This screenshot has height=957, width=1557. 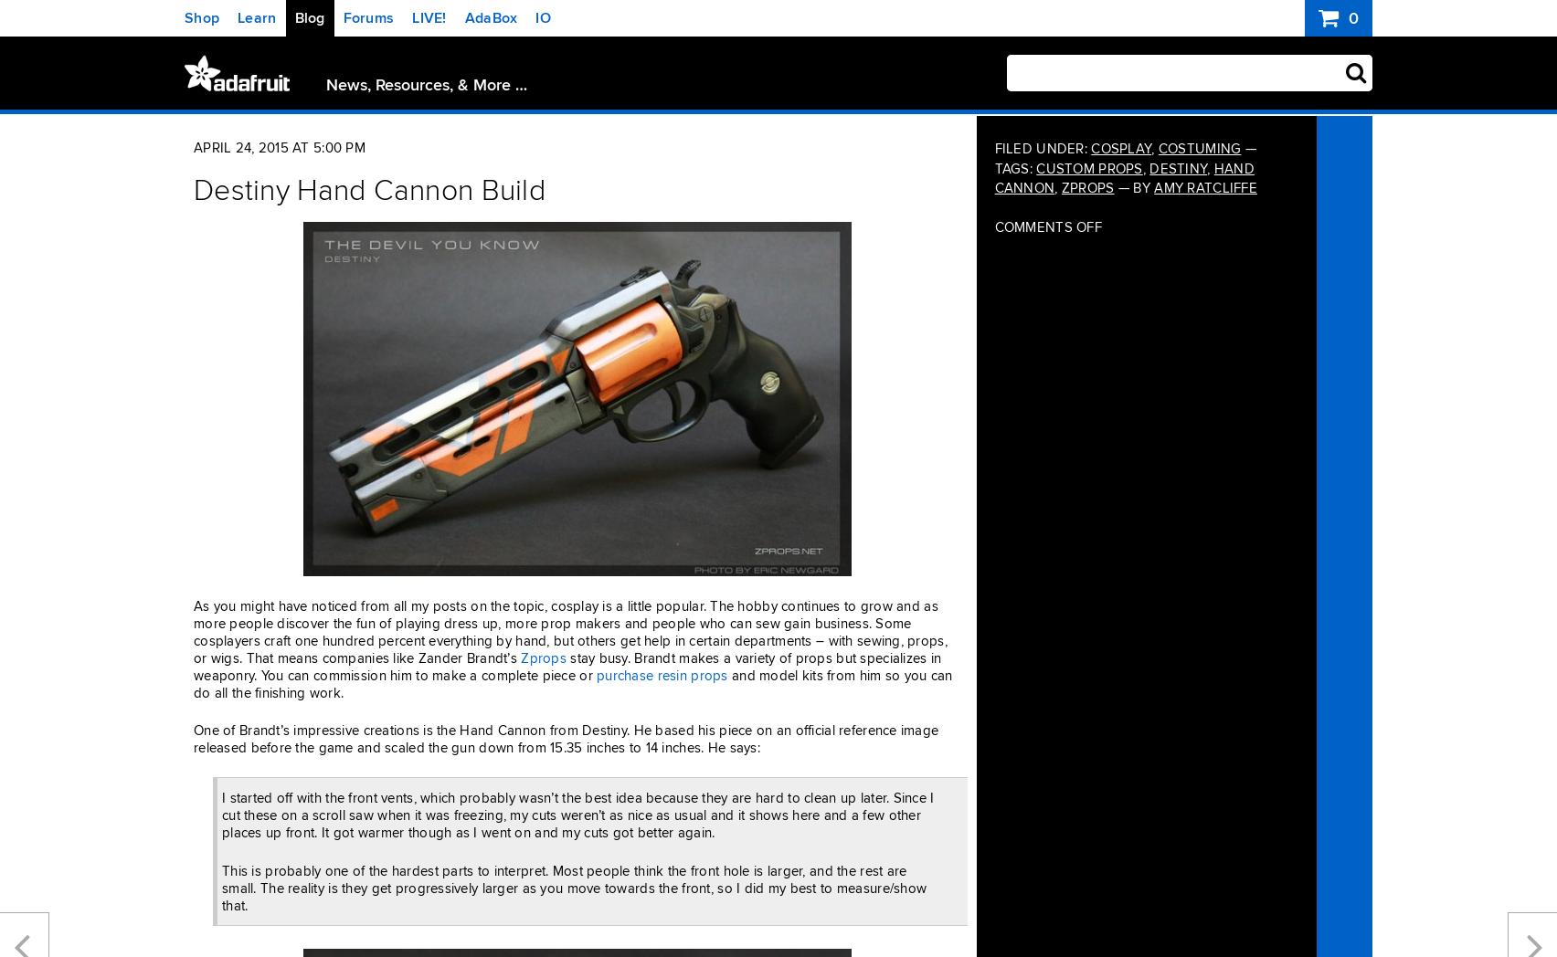 I want to click on 'Comments Off', so click(x=1046, y=226).